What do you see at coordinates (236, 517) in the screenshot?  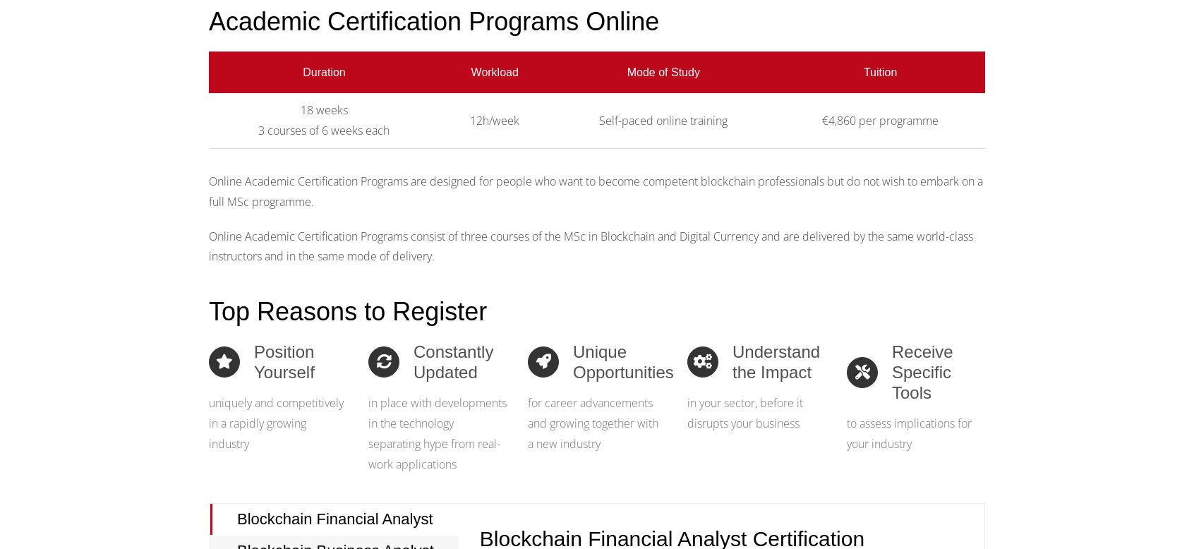 I see `'Blockchain Financial Analyst'` at bounding box center [236, 517].